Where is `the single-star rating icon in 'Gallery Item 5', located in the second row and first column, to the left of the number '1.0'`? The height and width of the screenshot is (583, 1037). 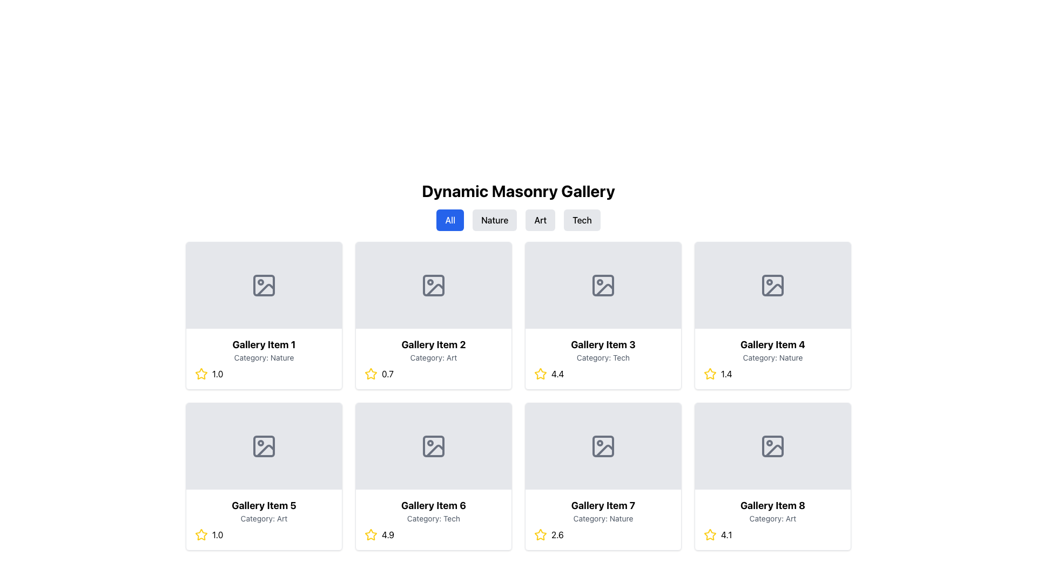 the single-star rating icon in 'Gallery Item 5', located in the second row and first column, to the left of the number '1.0' is located at coordinates (201, 535).